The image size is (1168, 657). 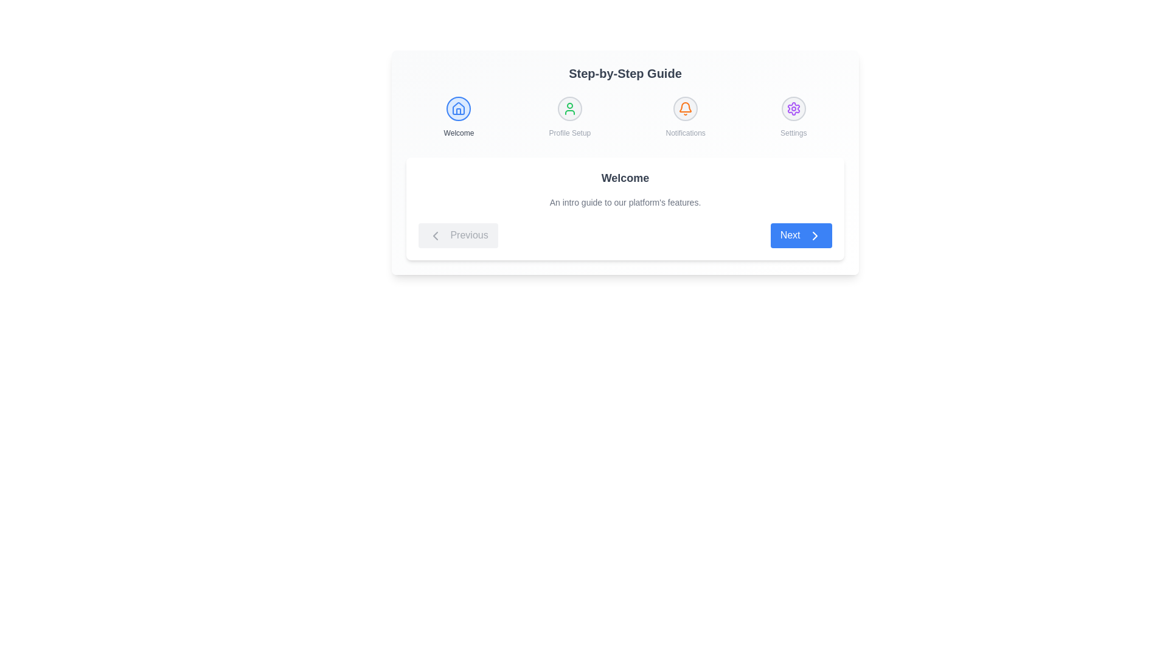 I want to click on the 'Profile Setup' label in the progress indicator, which is the second section aligned under the user profile icon, so click(x=569, y=133).